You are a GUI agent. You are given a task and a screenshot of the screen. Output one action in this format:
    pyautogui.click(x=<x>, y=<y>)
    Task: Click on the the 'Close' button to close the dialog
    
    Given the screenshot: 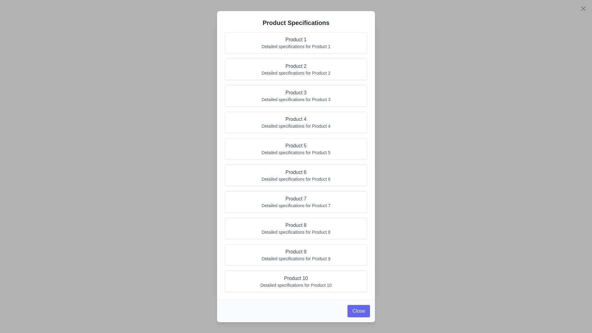 What is the action you would take?
    pyautogui.click(x=359, y=311)
    